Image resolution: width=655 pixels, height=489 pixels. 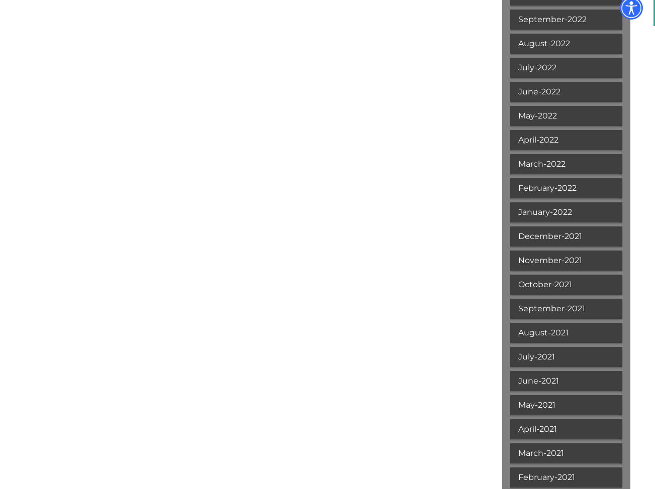 I want to click on 'August-2021', so click(x=542, y=332).